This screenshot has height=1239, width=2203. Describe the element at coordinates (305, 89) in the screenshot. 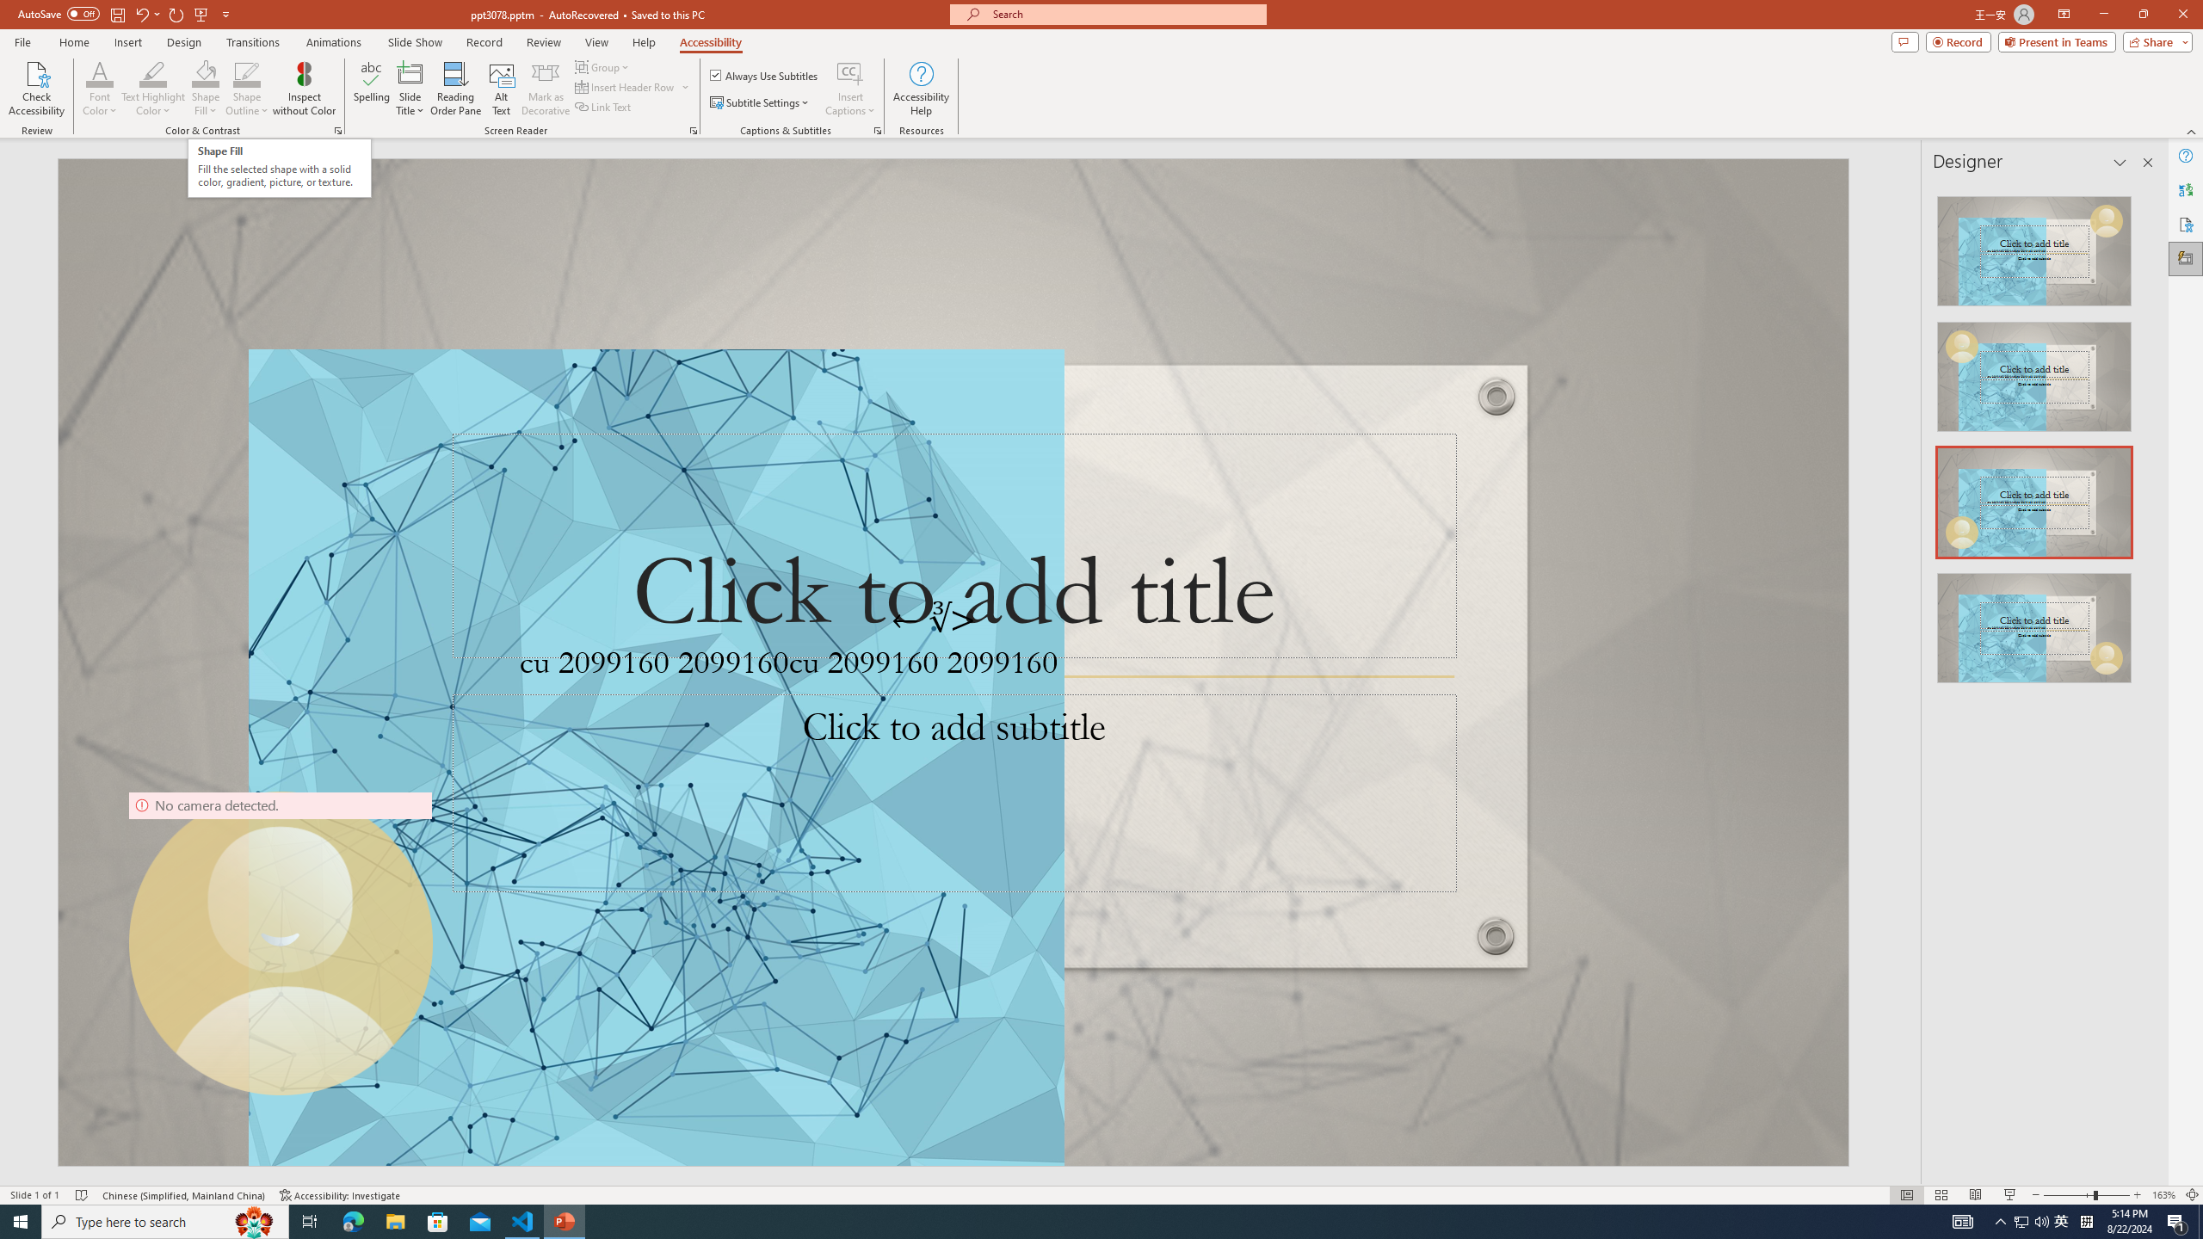

I see `'Inspect without Color'` at that location.